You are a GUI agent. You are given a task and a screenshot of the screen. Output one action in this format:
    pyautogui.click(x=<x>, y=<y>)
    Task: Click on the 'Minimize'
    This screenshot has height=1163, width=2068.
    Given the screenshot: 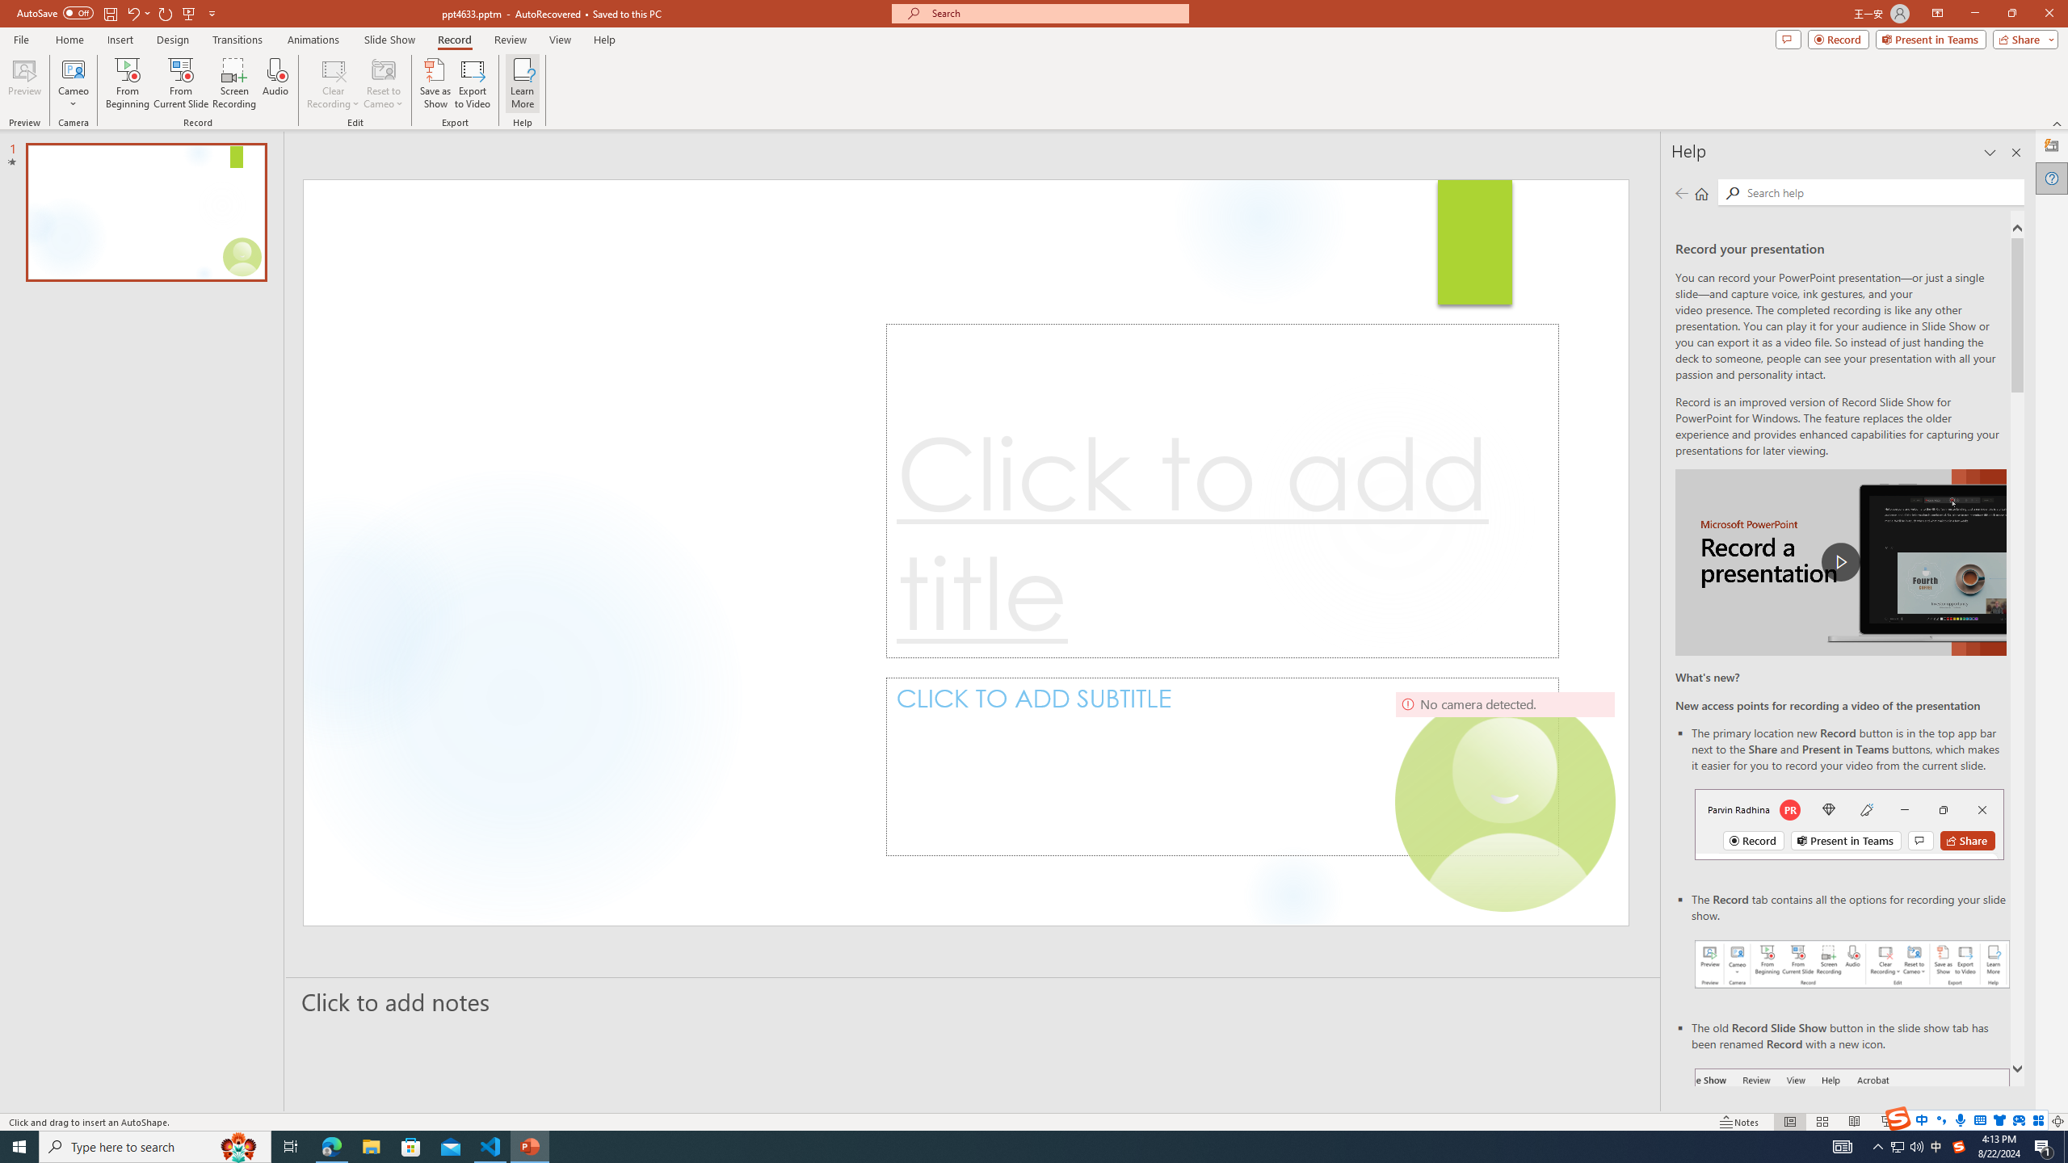 What is the action you would take?
    pyautogui.click(x=1973, y=13)
    